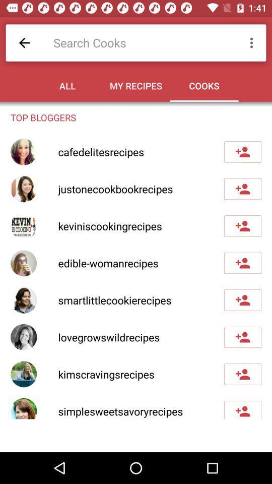 This screenshot has height=484, width=272. Describe the element at coordinates (242, 337) in the screenshot. I see `to add blogger` at that location.